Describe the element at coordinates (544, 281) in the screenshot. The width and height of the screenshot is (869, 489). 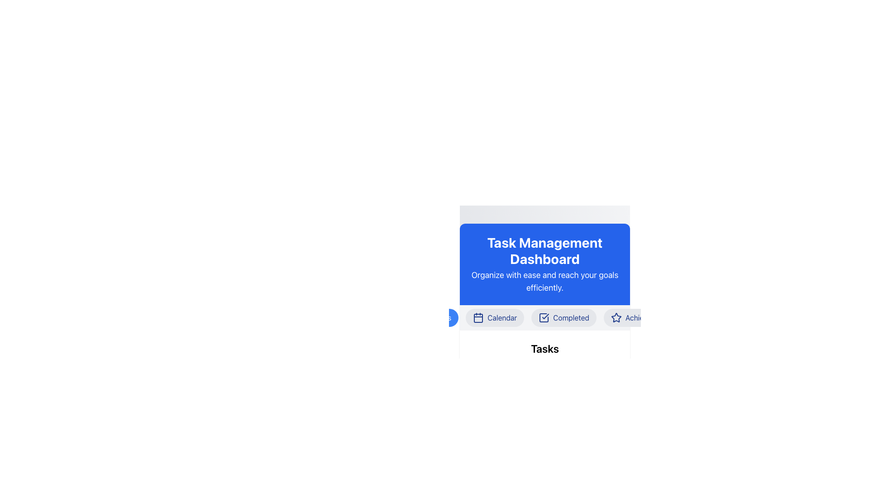
I see `the text block that contains the message 'Organize with ease and reach your goals efficiently.' which is styled in white font against a blue background and located below the title 'Task Management Dashboard.'` at that location.